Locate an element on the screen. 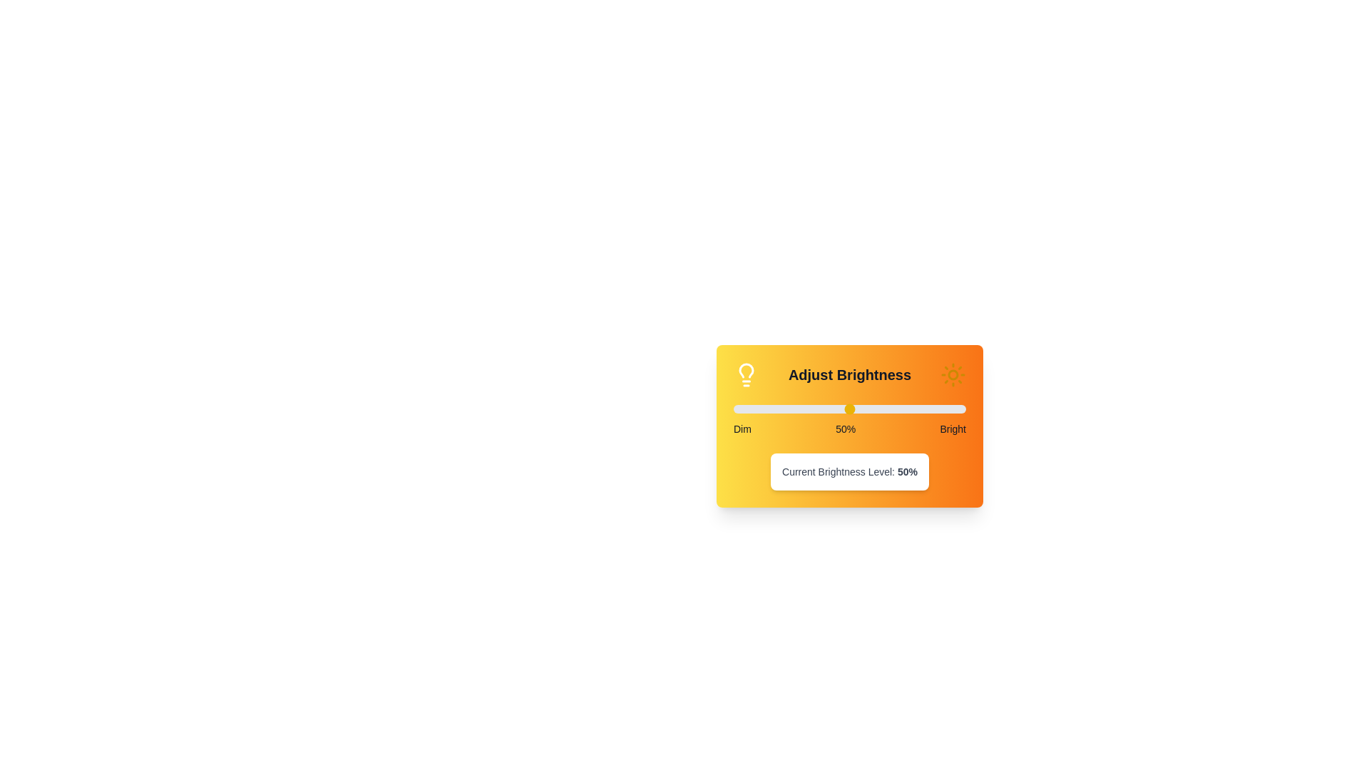 The width and height of the screenshot is (1369, 770). the brightness slider to 66% is located at coordinates (886, 409).